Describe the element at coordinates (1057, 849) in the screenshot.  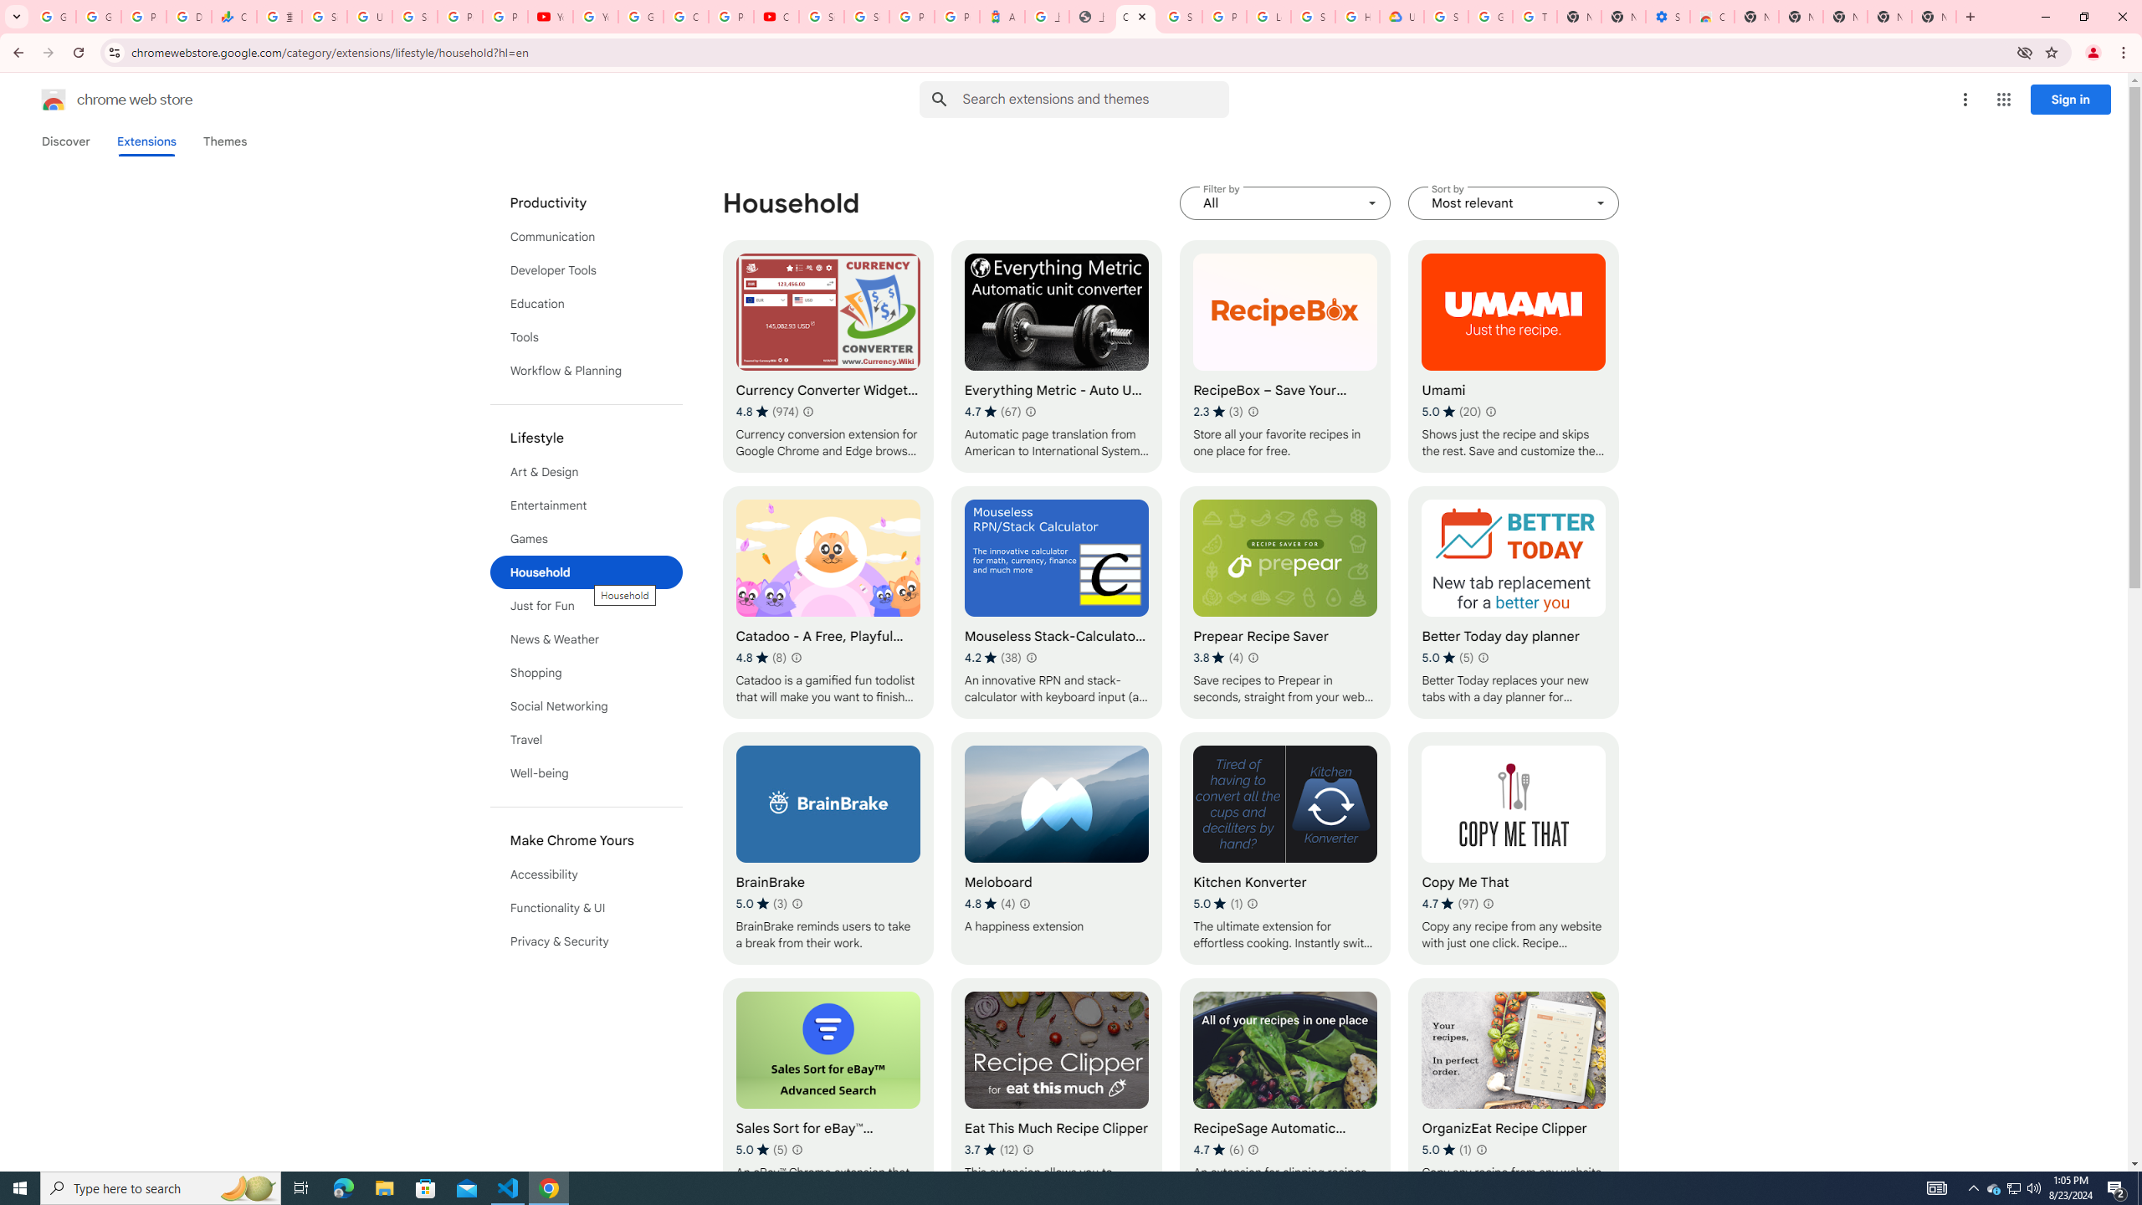
I see `'Meloboard'` at that location.